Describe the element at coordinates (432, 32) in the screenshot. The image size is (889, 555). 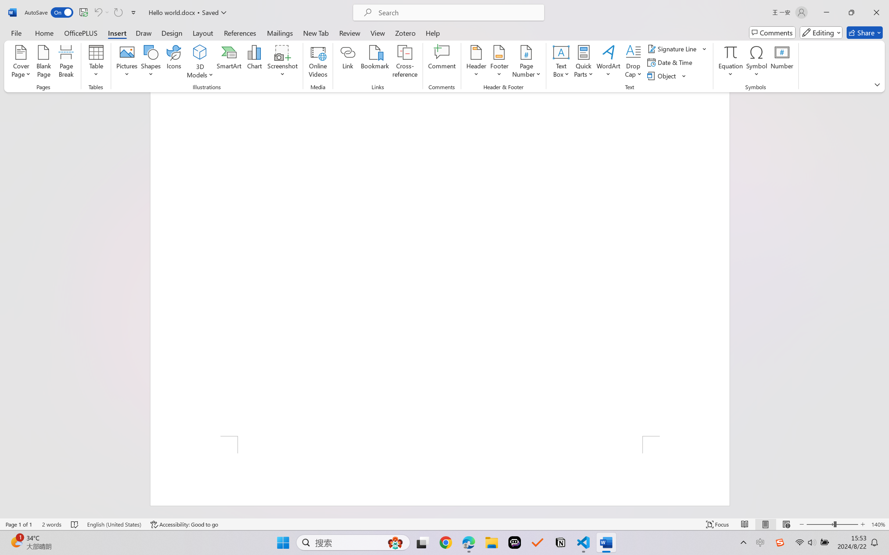
I see `'Help'` at that location.